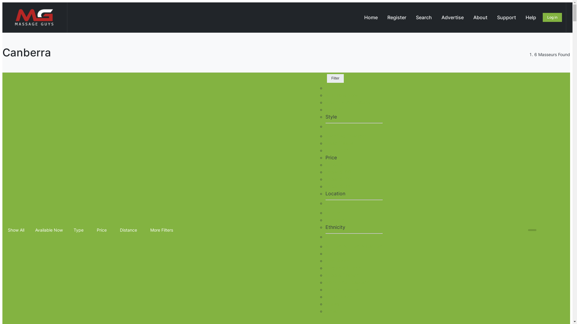  Describe the element at coordinates (480, 17) in the screenshot. I see `'About'` at that location.